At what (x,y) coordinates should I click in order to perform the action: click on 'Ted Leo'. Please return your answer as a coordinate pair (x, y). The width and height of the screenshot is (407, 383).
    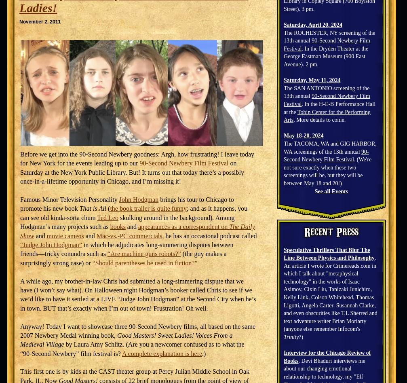
    Looking at the image, I should click on (108, 217).